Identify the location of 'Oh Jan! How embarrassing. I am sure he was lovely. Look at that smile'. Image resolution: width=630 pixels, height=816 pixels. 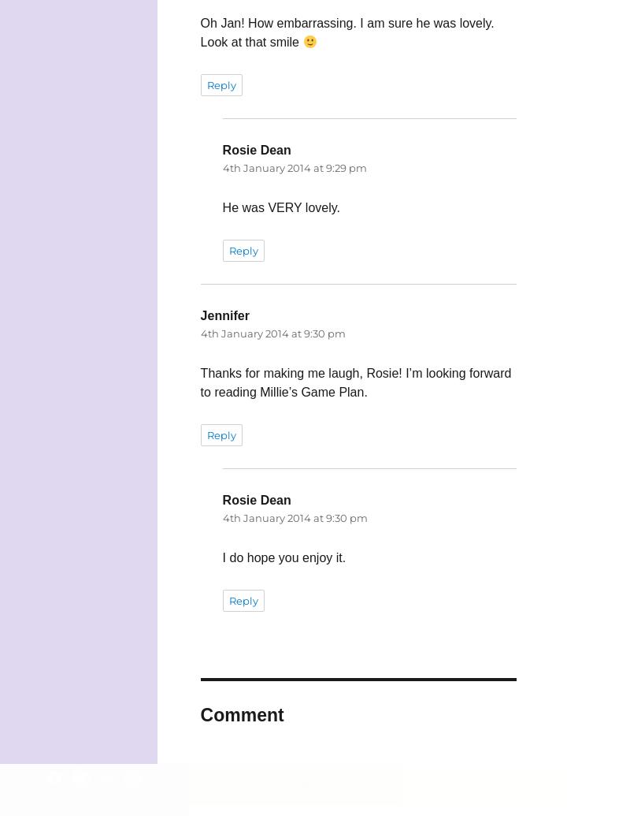
(346, 32).